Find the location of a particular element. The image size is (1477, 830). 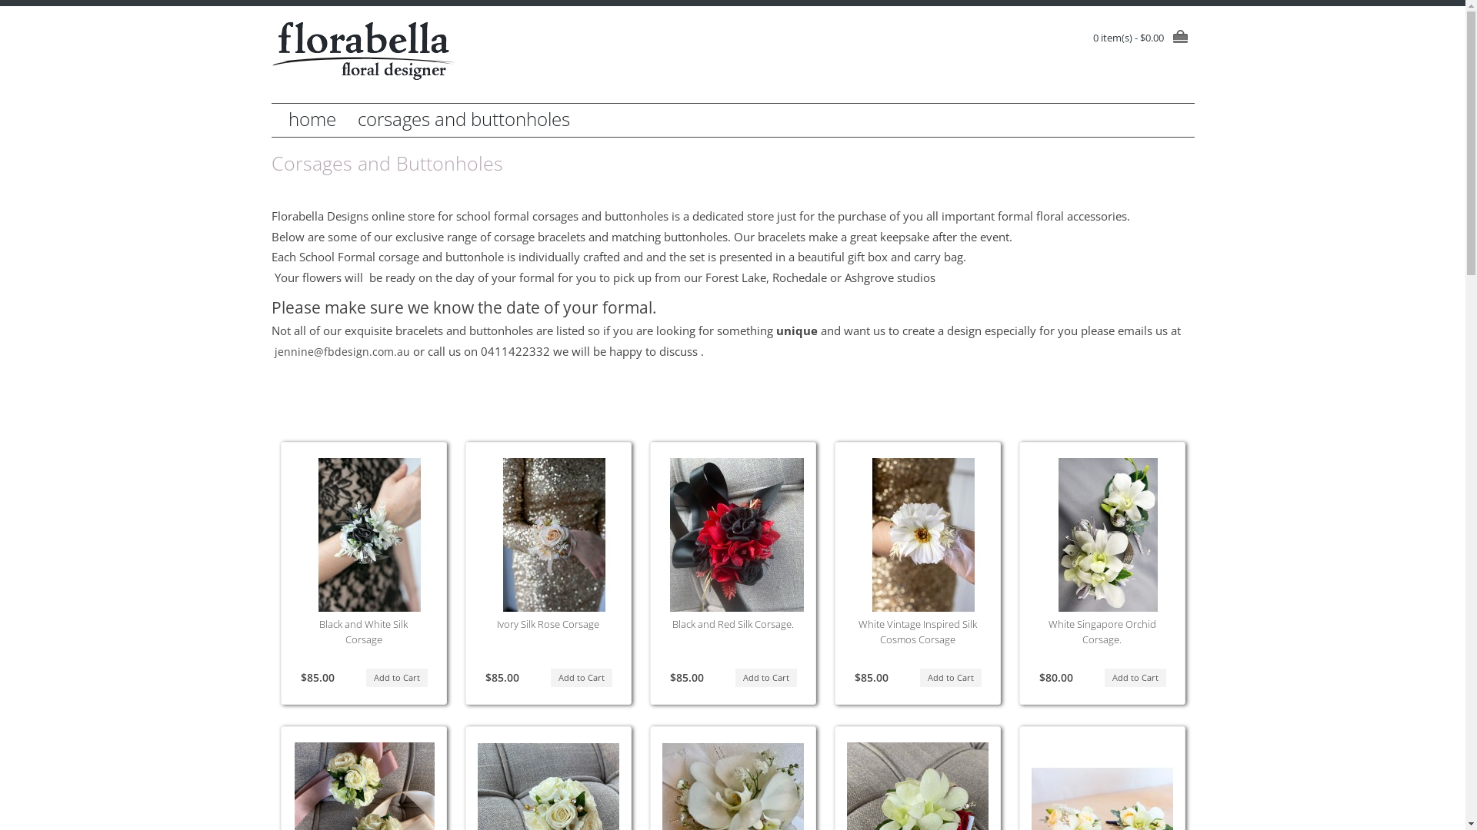

' Black and Red Silk Corsage.  ' is located at coordinates (738, 533).